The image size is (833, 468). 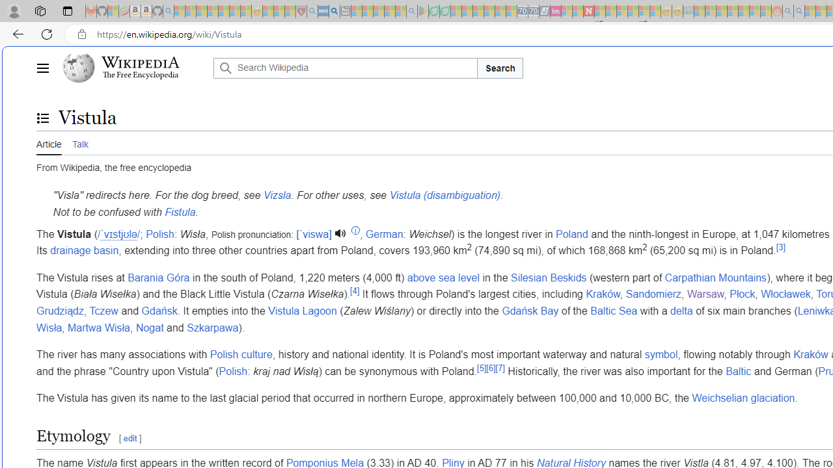 What do you see at coordinates (709, 11) in the screenshot?
I see `'Microsoft account | Privacy - Sleeping'` at bounding box center [709, 11].